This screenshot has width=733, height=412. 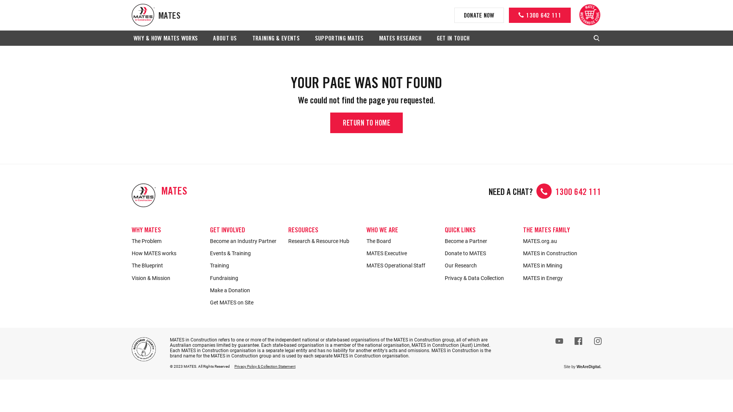 I want to click on 'DONATE NOW', so click(x=478, y=15).